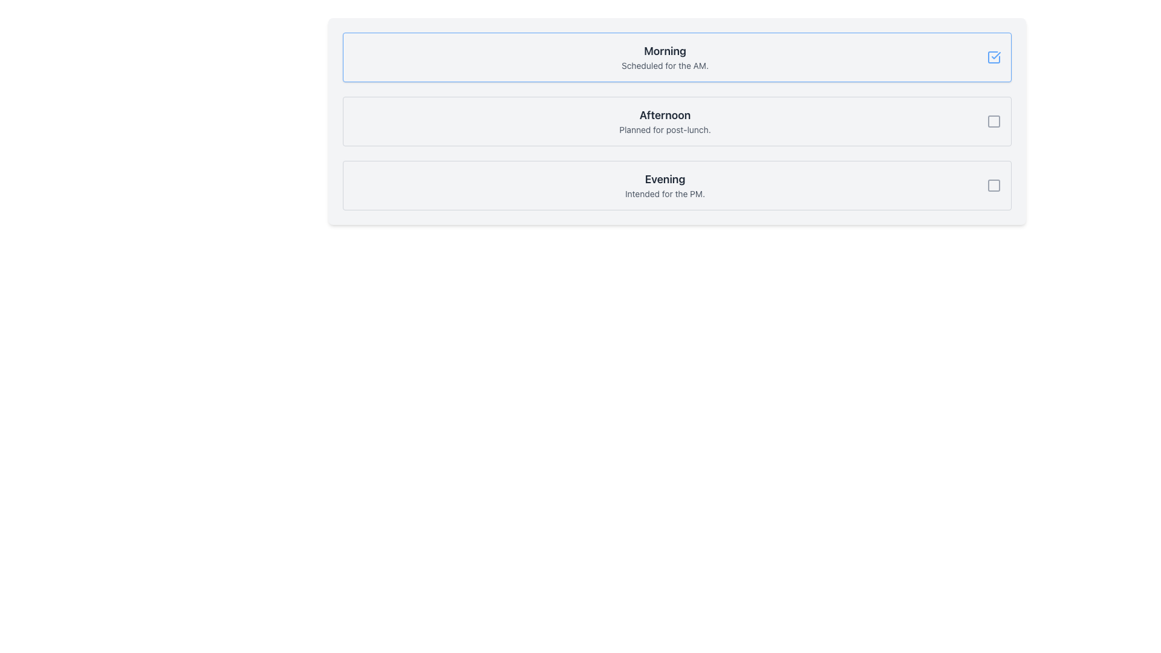 The image size is (1161, 653). What do you see at coordinates (676, 121) in the screenshot?
I see `the selectable card titled 'Afternoon' which is the second card in a vertical list` at bounding box center [676, 121].